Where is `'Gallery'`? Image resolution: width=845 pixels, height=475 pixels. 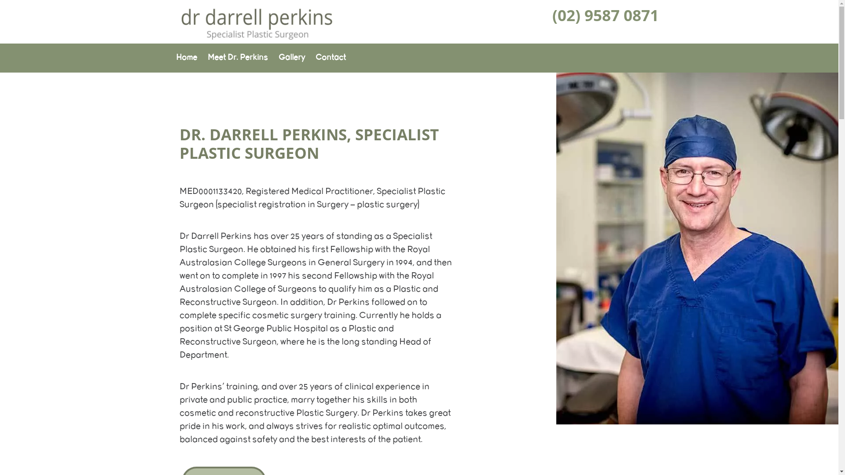 'Gallery' is located at coordinates (291, 58).